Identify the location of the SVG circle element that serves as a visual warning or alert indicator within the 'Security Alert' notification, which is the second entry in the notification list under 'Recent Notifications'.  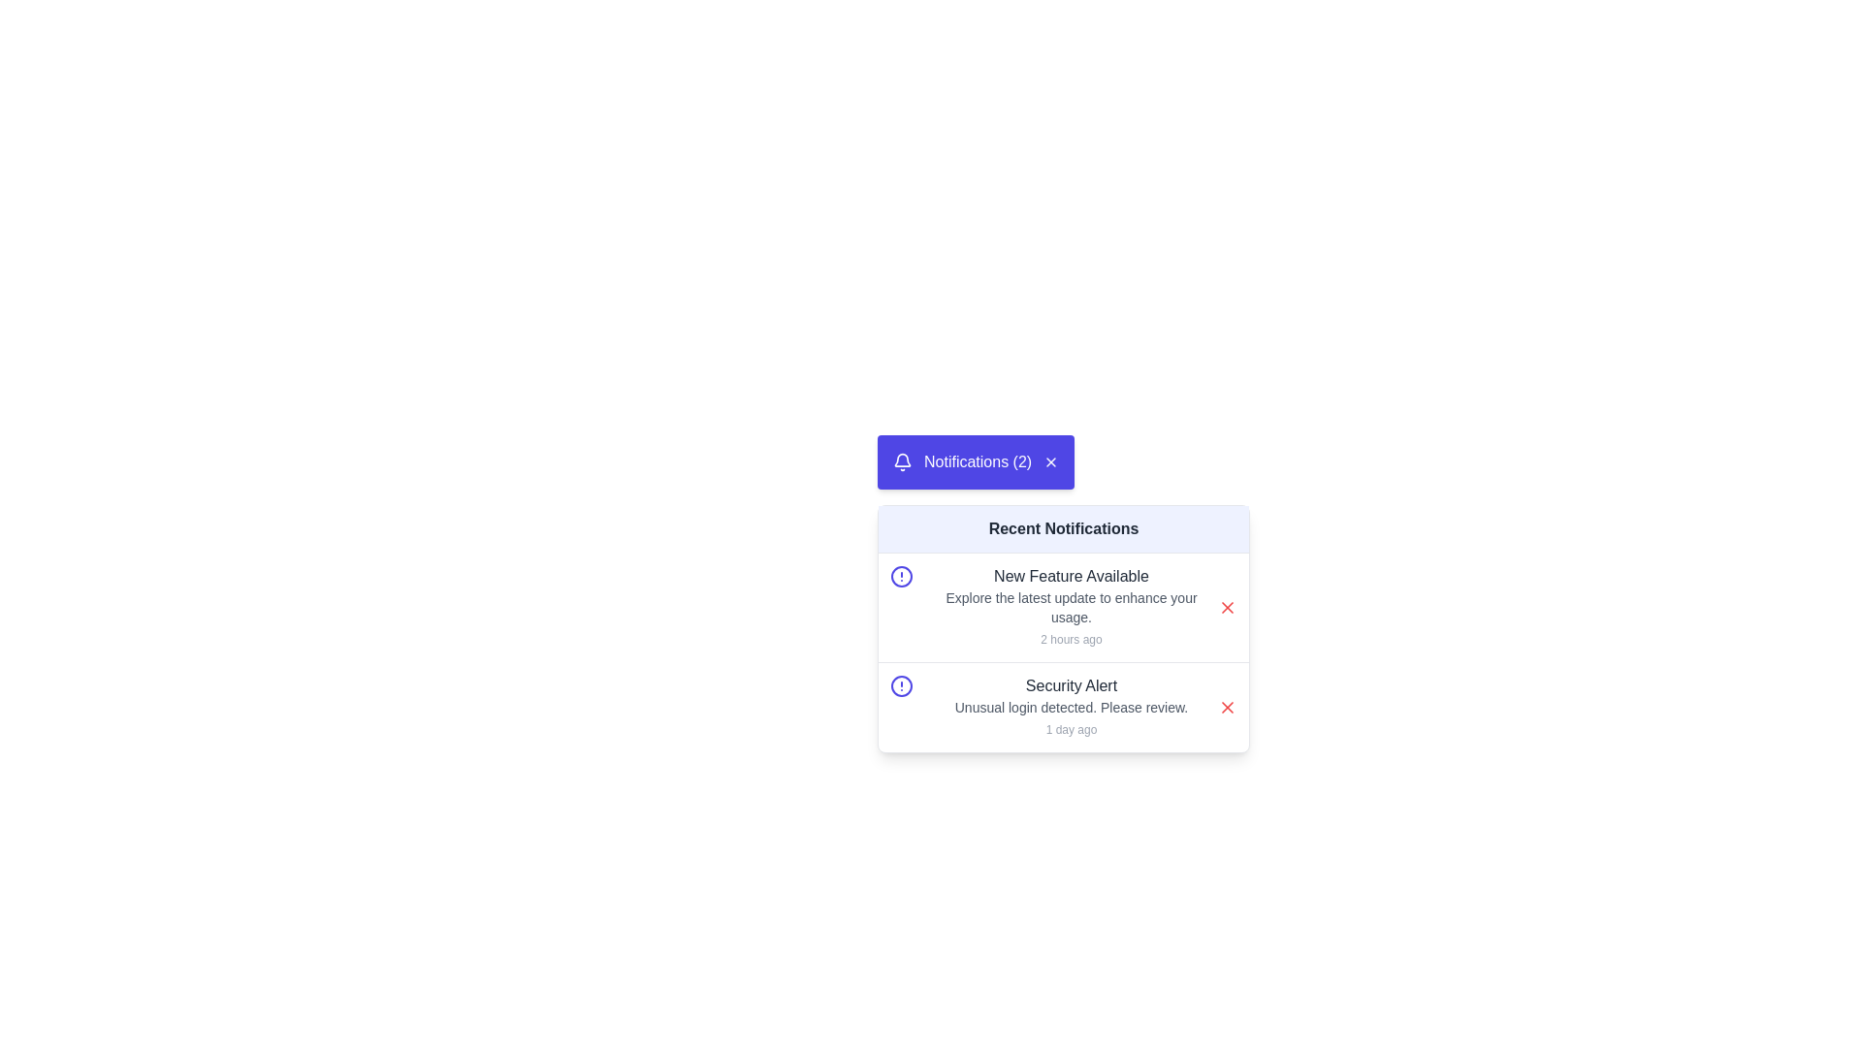
(901, 685).